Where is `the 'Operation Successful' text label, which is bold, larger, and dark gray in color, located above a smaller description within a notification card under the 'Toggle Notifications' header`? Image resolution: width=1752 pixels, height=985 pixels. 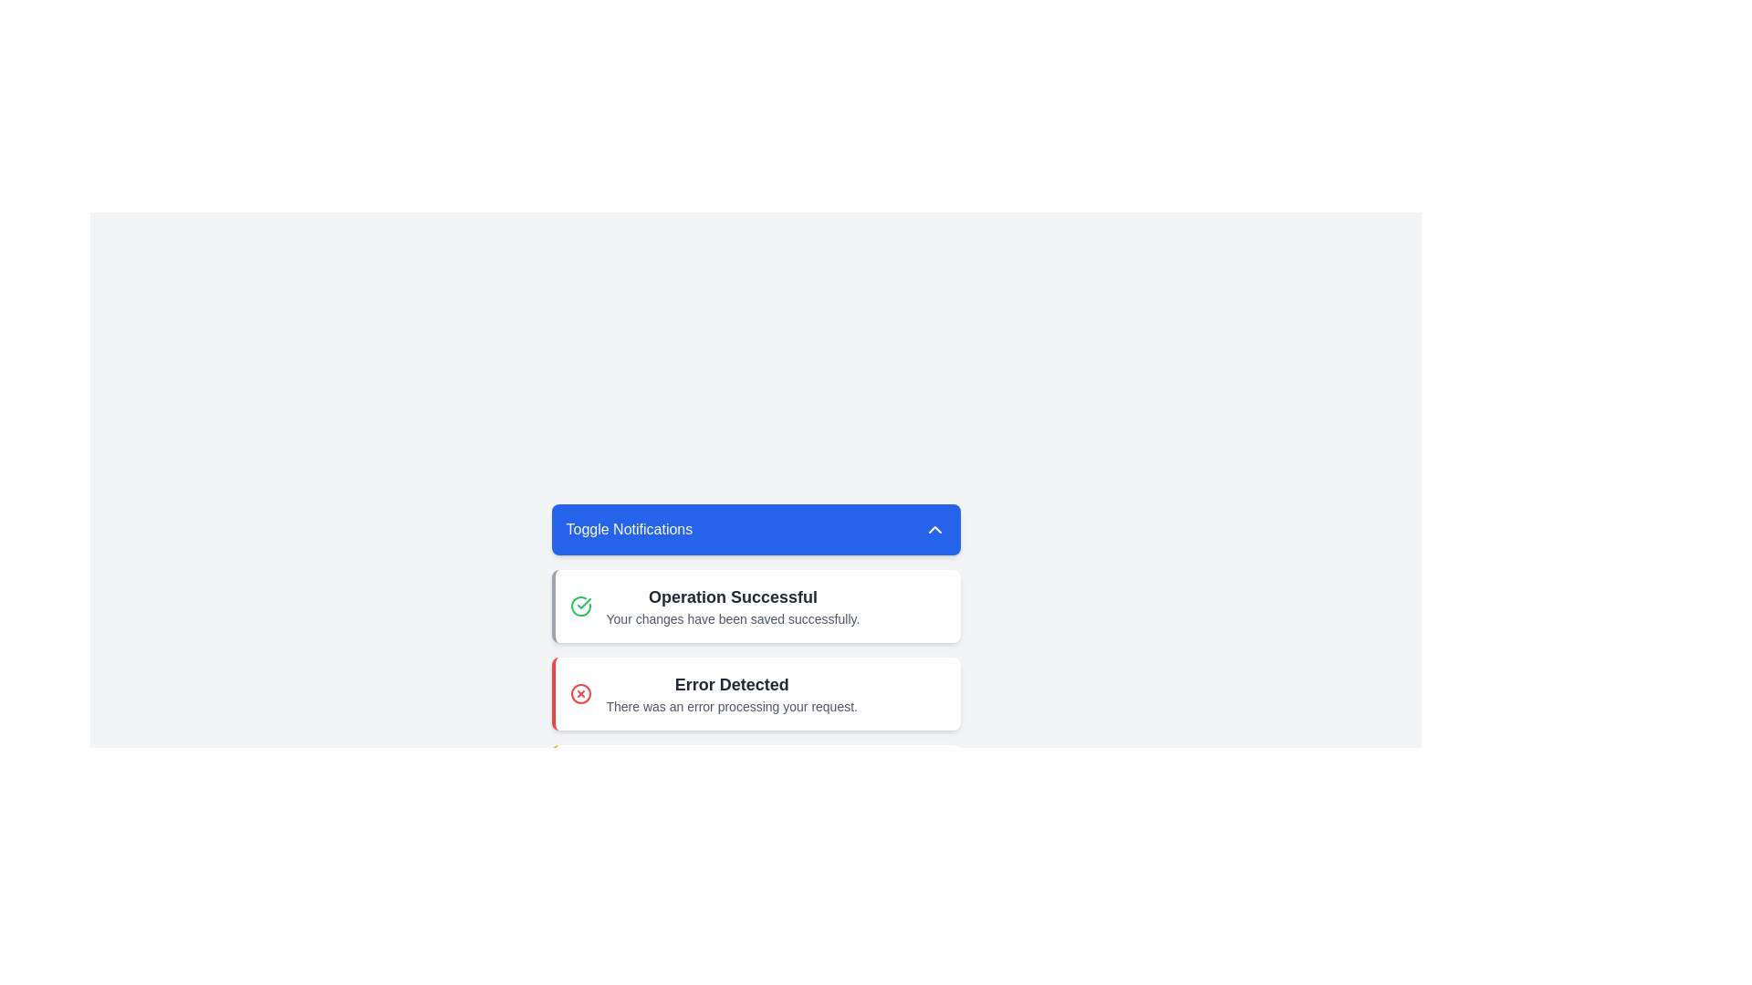
the 'Operation Successful' text label, which is bold, larger, and dark gray in color, located above a smaller description within a notification card under the 'Toggle Notifications' header is located at coordinates (733, 597).